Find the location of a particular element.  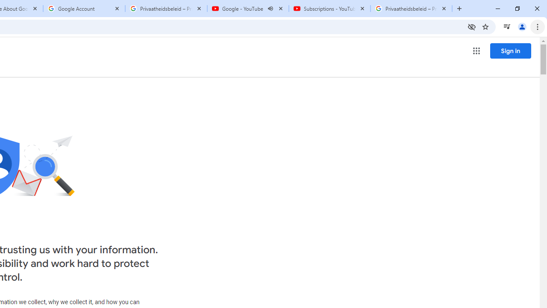

'Subscriptions - YouTube' is located at coordinates (329, 9).